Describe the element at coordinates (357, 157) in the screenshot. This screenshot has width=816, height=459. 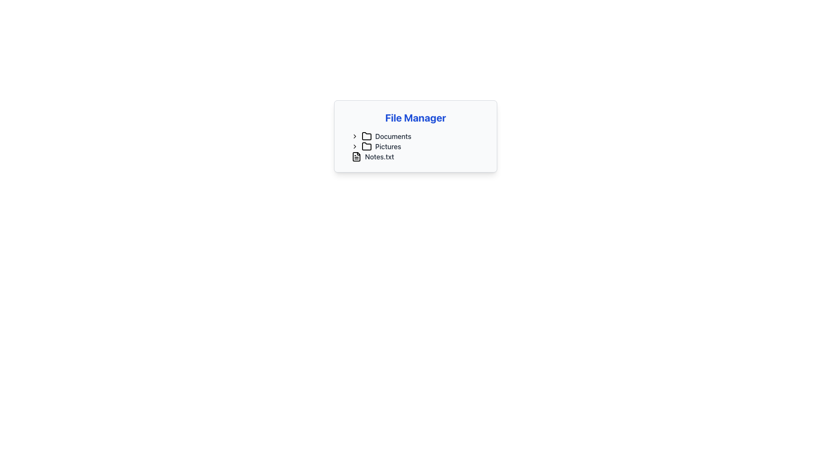
I see `the file document icon` at that location.